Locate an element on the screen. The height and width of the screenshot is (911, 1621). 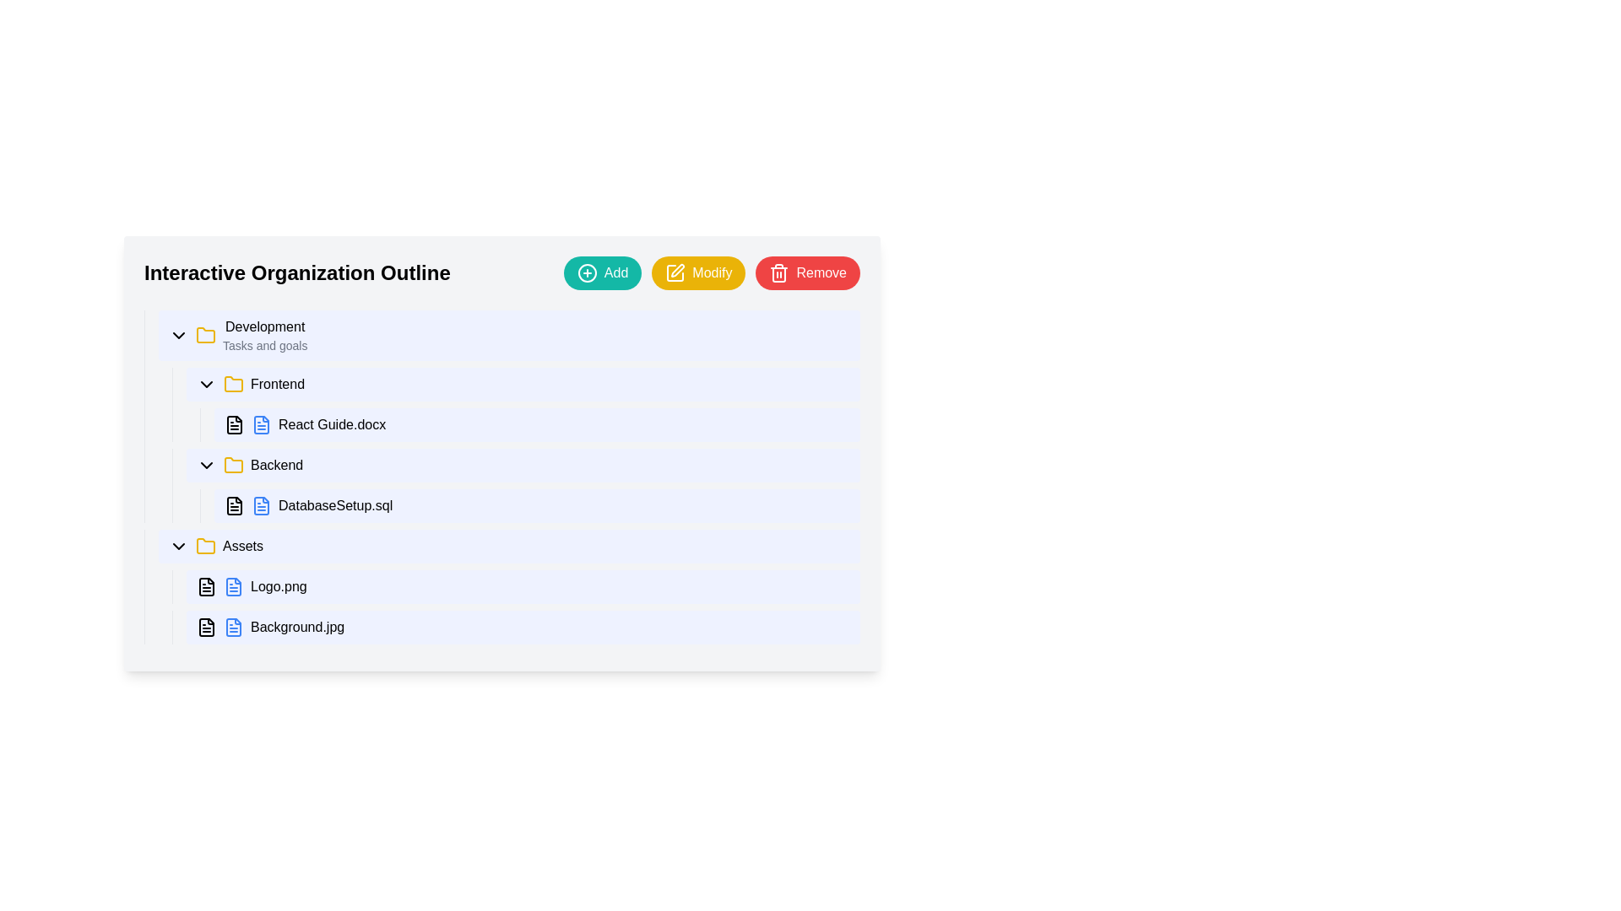
the chevron icon located to the left of the 'Frontend' text is located at coordinates (205, 384).